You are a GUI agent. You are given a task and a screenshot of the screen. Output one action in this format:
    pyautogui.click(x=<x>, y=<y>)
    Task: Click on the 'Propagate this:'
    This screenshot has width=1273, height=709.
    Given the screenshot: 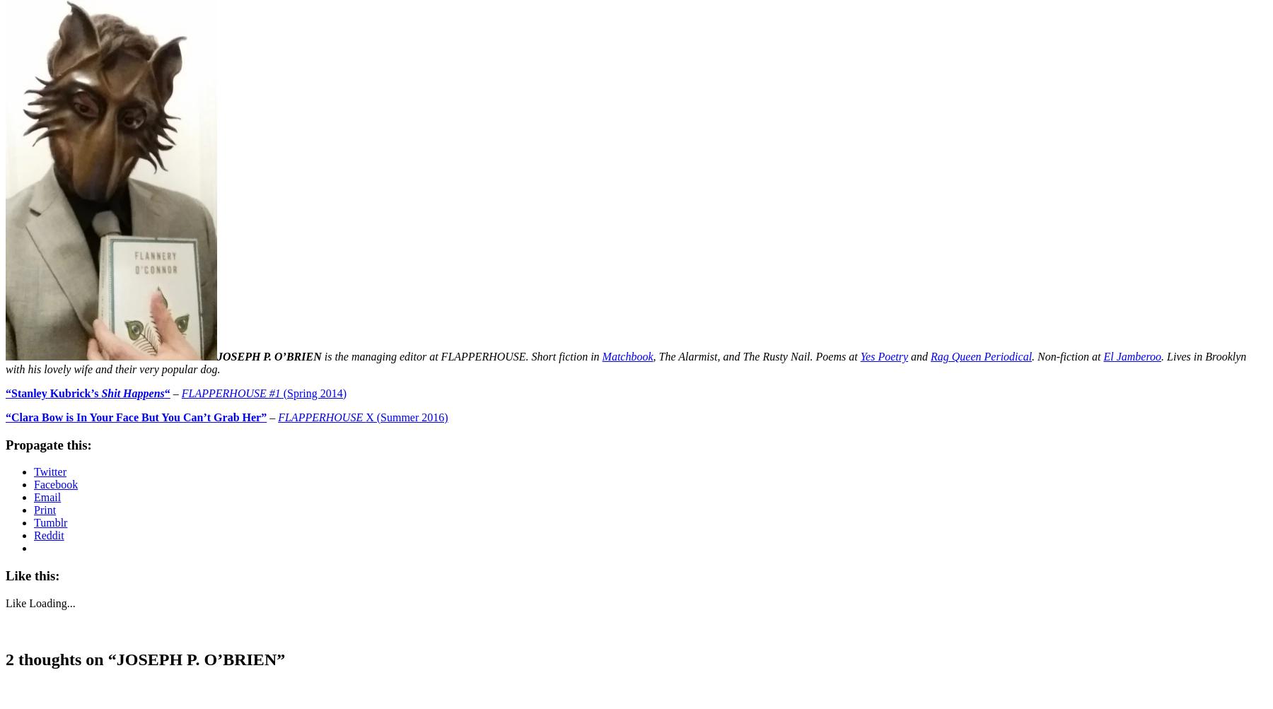 What is the action you would take?
    pyautogui.click(x=47, y=444)
    